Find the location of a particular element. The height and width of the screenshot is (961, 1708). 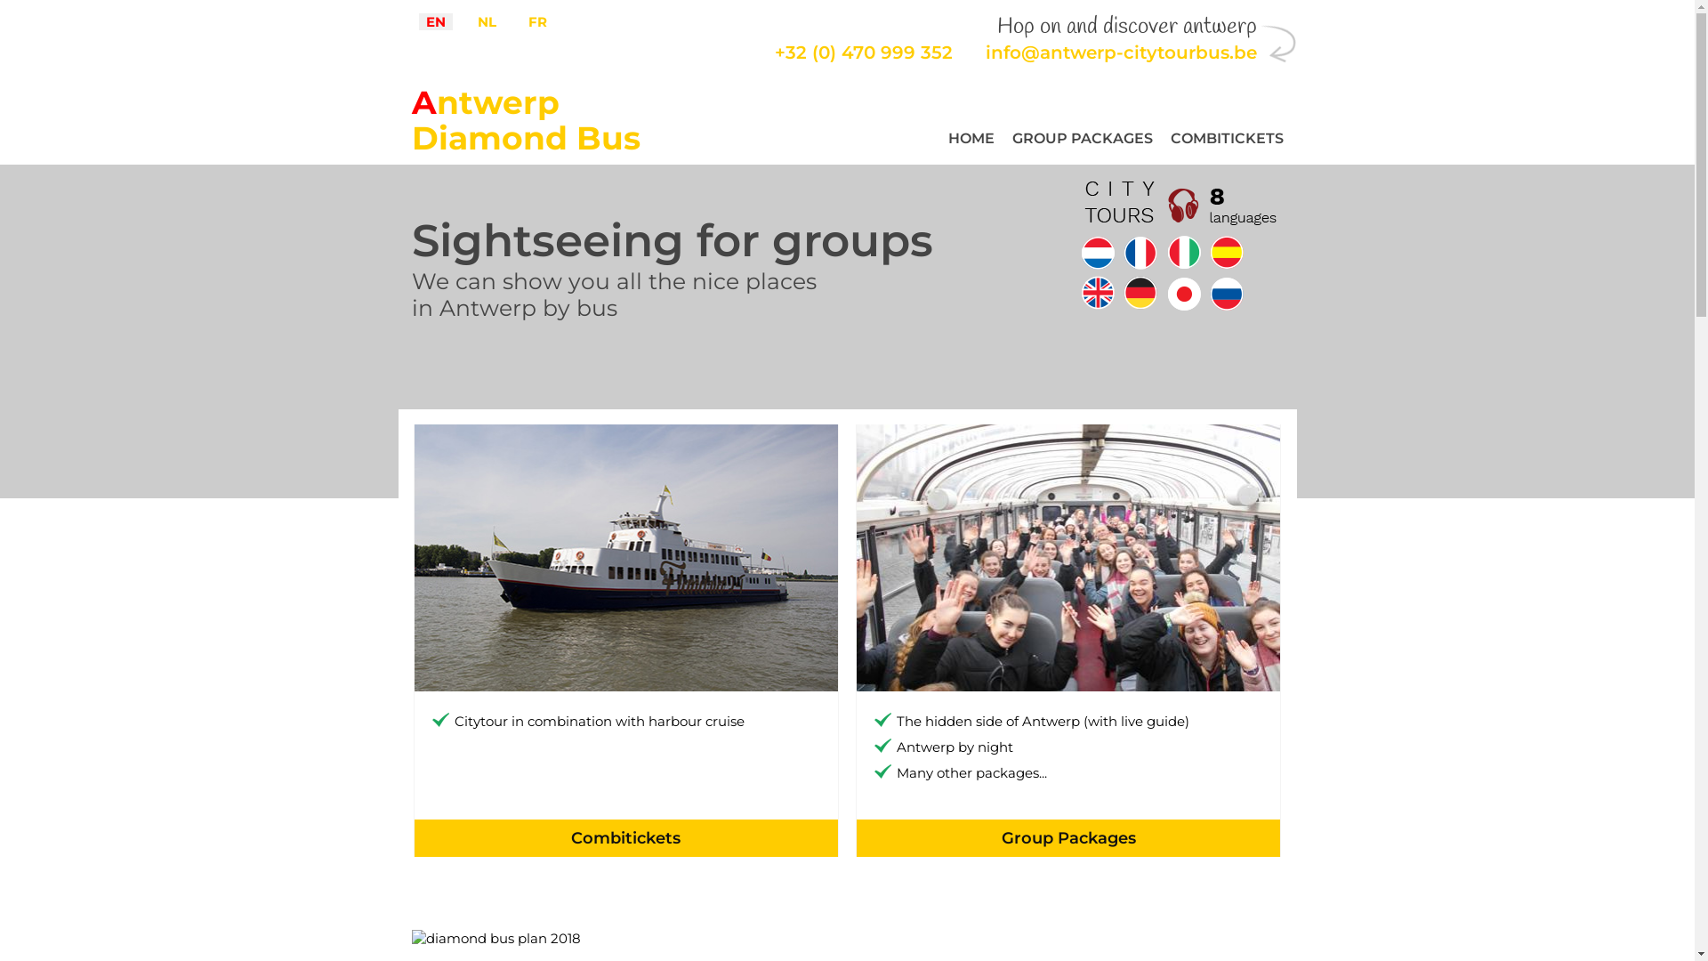

'GROUP PACKAGES' is located at coordinates (1082, 137).